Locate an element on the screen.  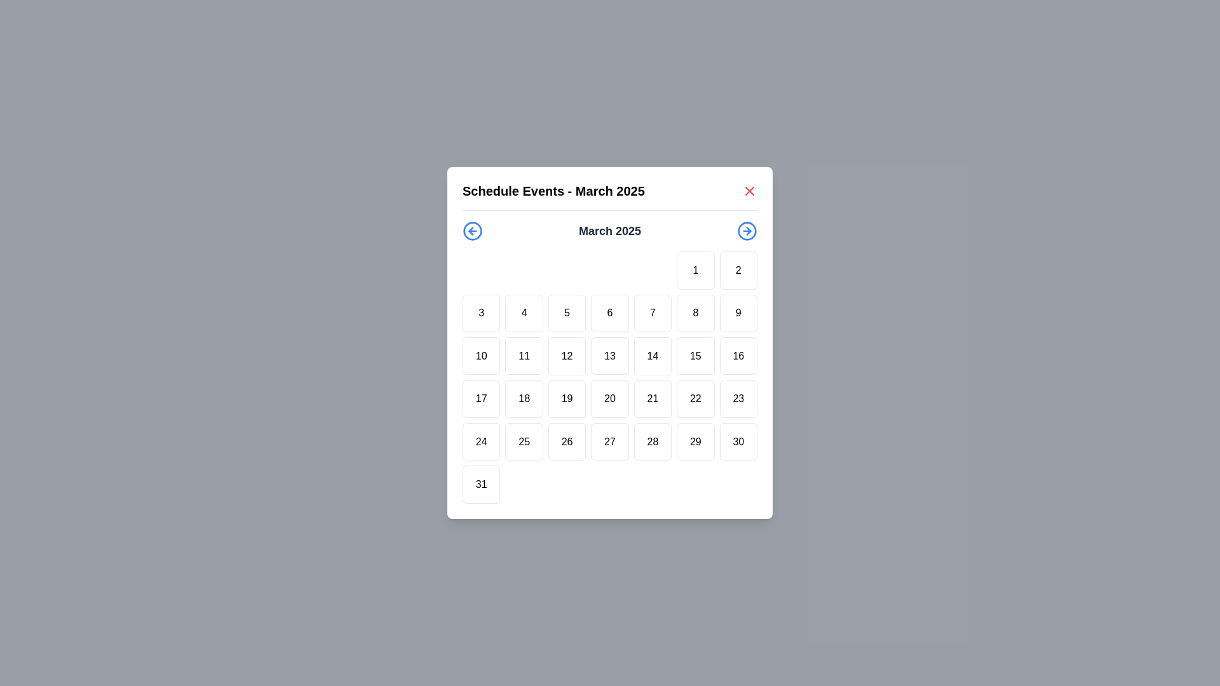
the navigation button for the next month in the calendar view, located at the far right of the header aligned with 'March 2025' is located at coordinates (747, 231).